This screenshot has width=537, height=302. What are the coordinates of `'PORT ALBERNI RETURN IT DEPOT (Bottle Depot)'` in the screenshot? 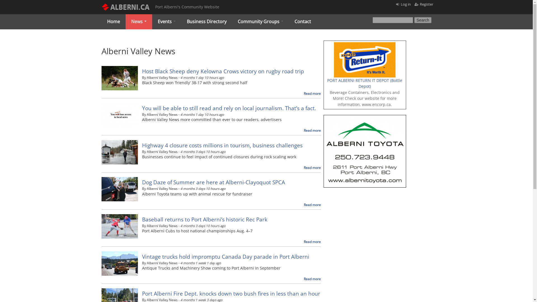 It's located at (365, 83).